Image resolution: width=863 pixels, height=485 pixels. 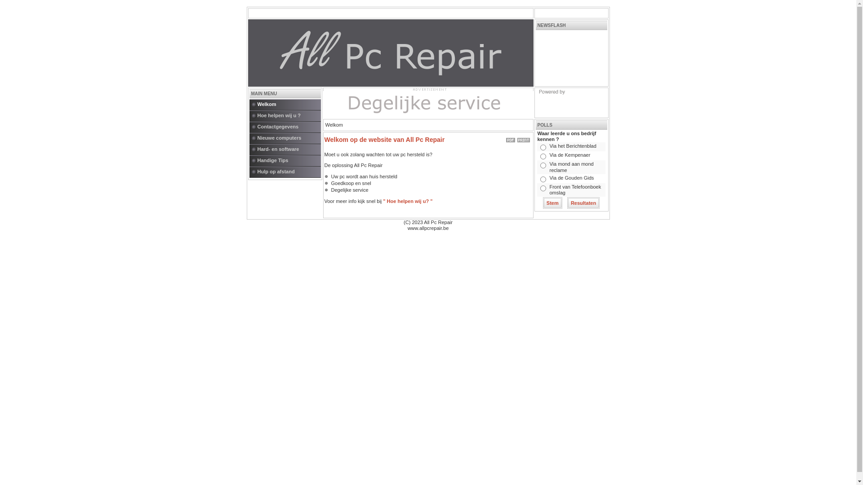 I want to click on 'Contactgegevens', so click(x=249, y=127).